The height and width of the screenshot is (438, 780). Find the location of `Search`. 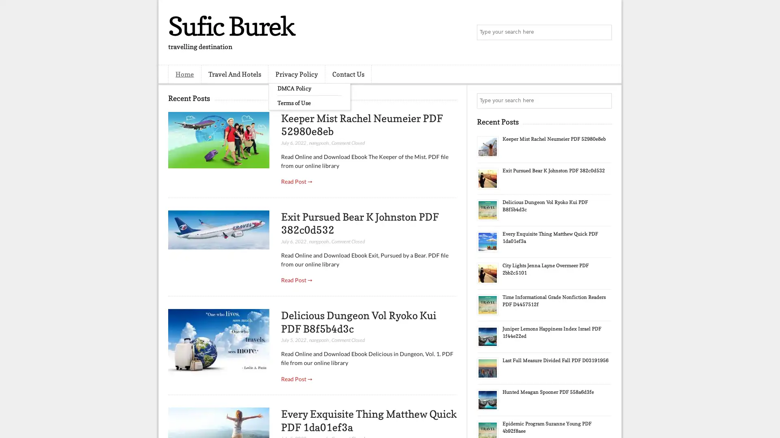

Search is located at coordinates (603, 101).